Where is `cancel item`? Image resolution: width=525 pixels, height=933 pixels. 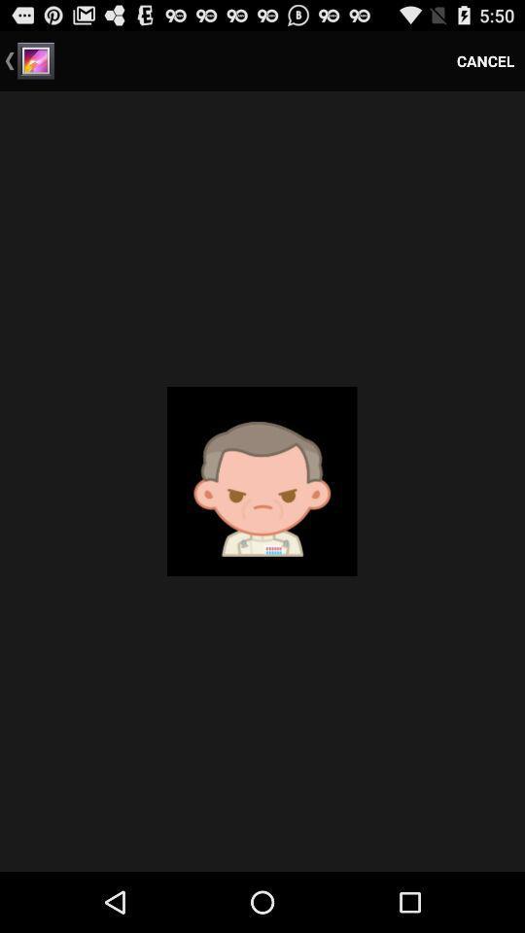
cancel item is located at coordinates (484, 60).